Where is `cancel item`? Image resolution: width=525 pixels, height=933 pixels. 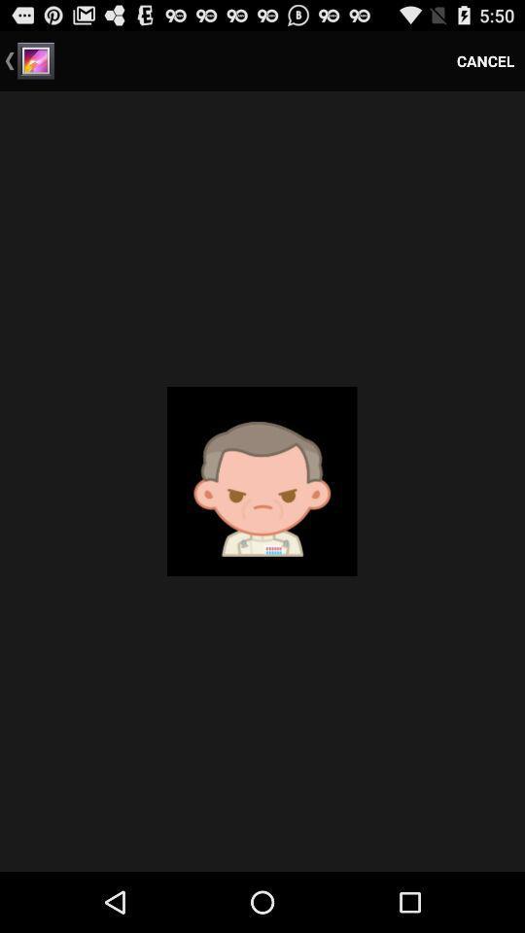
cancel item is located at coordinates (484, 60).